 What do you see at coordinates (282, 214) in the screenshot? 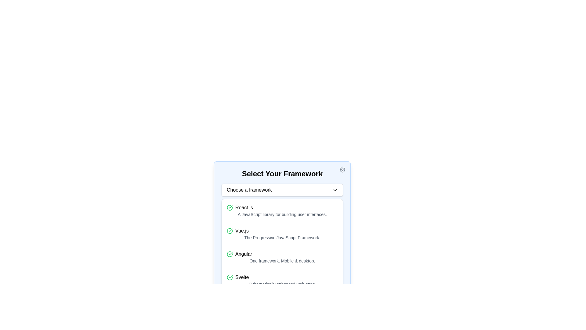
I see `descriptive text label about the React.js framework, which is located directly beneath the title 'React.js' in the 'Select Your Framework' section` at bounding box center [282, 214].